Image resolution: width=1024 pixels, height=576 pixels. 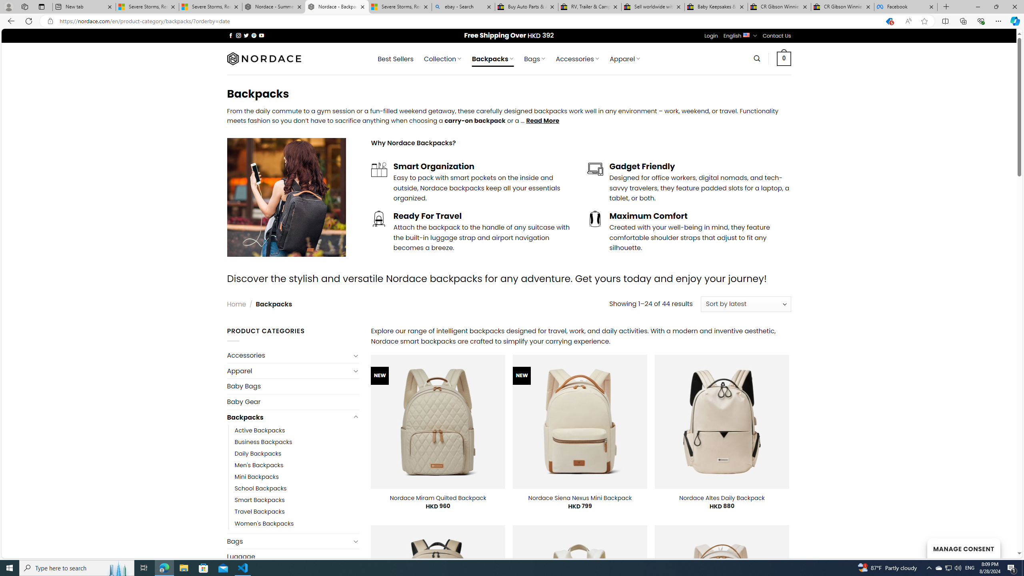 What do you see at coordinates (395, 58) in the screenshot?
I see `' Best Sellers'` at bounding box center [395, 58].